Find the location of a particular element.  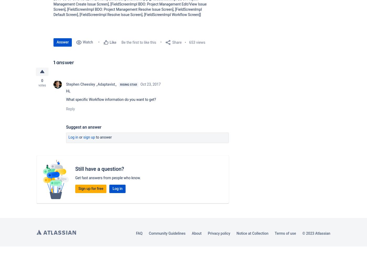

'Privacy policy' is located at coordinates (207, 233).